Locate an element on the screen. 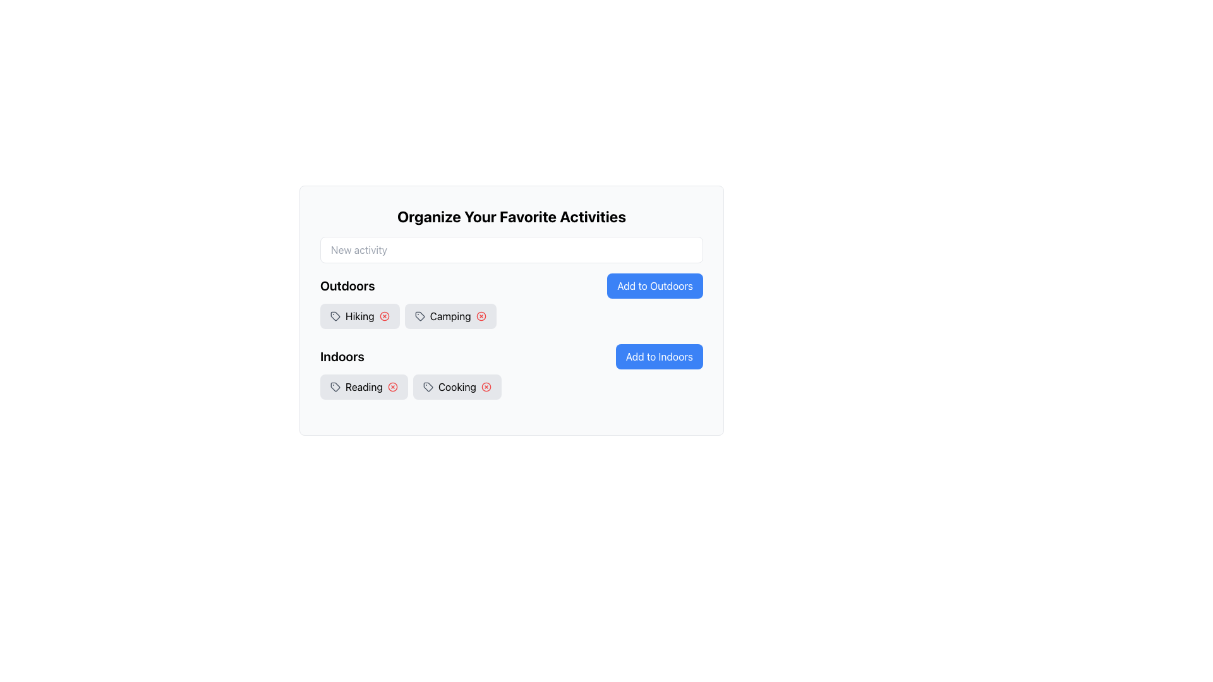  the SVG icon located in the 'Outdoors' section next to the label 'Hiking', which serves as a decorative representation for associated elements is located at coordinates (428, 386).